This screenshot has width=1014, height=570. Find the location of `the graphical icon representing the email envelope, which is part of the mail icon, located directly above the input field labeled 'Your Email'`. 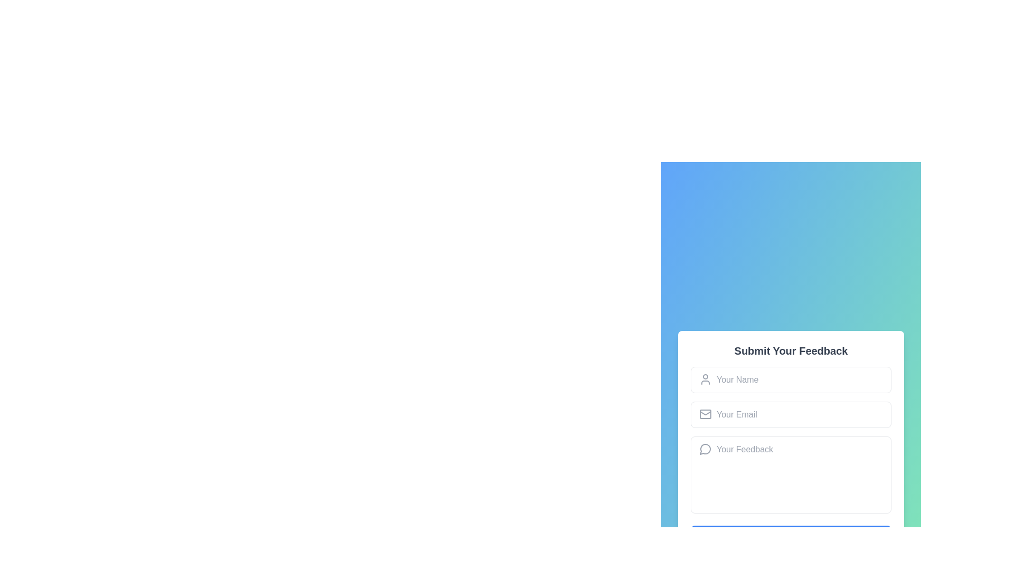

the graphical icon representing the email envelope, which is part of the mail icon, located directly above the input field labeled 'Your Email' is located at coordinates (705, 413).